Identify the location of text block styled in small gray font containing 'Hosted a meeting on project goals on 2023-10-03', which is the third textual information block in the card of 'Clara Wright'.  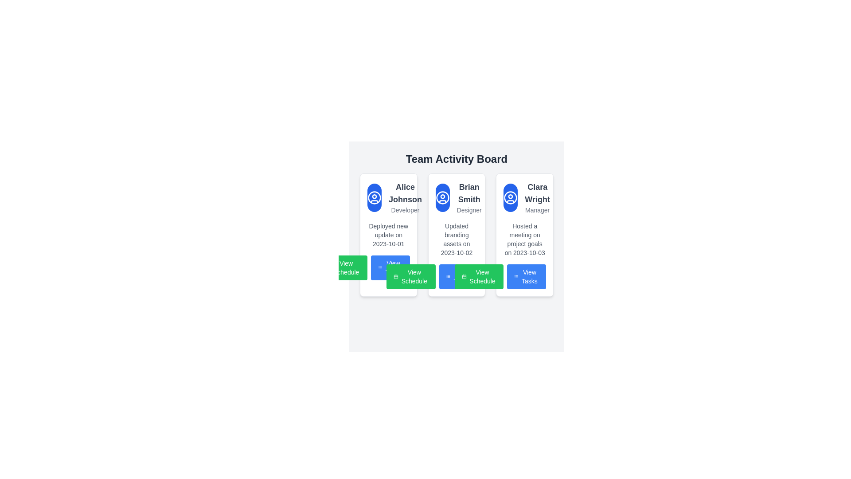
(525, 239).